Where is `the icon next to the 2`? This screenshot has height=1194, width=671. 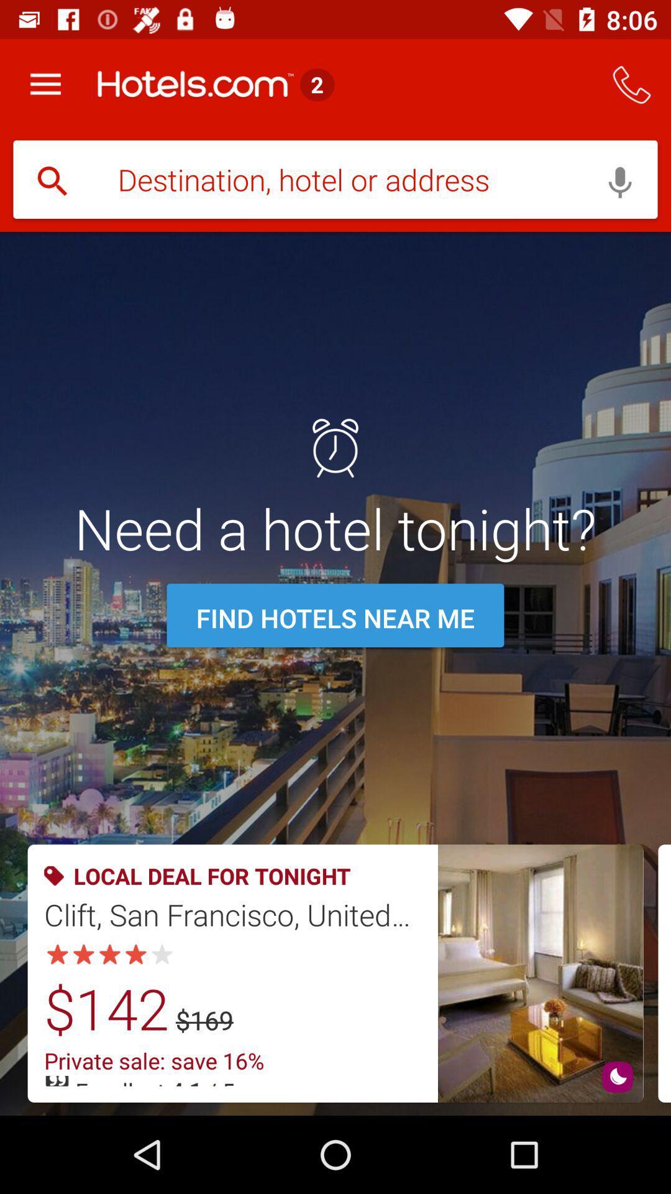
the icon next to the 2 is located at coordinates (632, 84).